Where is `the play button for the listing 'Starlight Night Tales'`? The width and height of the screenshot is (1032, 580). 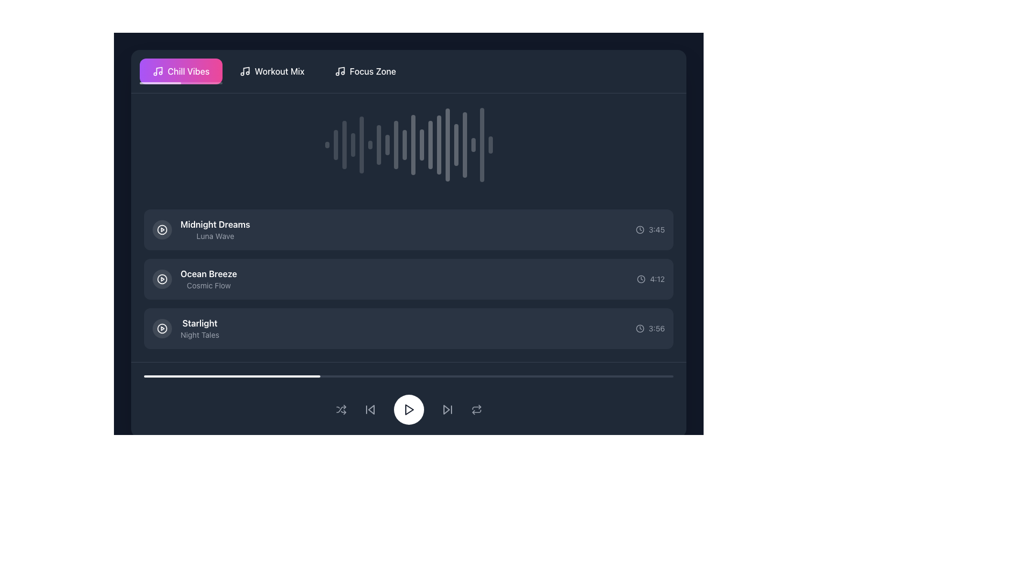
the play button for the listing 'Starlight Night Tales' is located at coordinates (162, 328).